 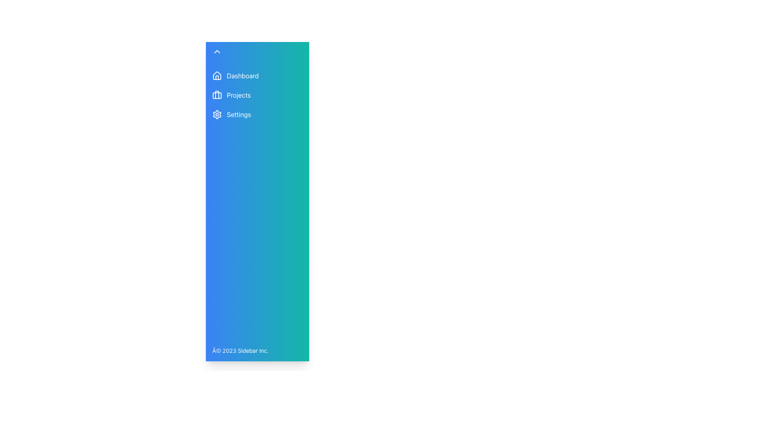 I want to click on the blue briefcase icon located in the sidebar menu, which is positioned second in the list of options beneath 'Dashboard' and above 'Settings', so click(x=217, y=94).